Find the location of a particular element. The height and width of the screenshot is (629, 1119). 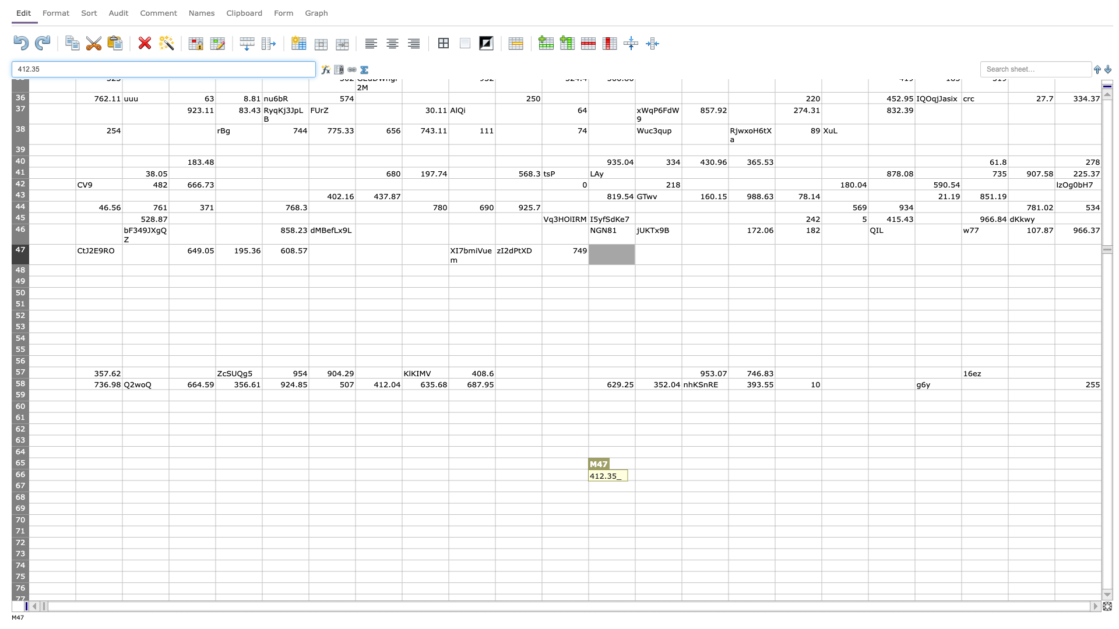

fill handle of cell N67 is located at coordinates (682, 492).